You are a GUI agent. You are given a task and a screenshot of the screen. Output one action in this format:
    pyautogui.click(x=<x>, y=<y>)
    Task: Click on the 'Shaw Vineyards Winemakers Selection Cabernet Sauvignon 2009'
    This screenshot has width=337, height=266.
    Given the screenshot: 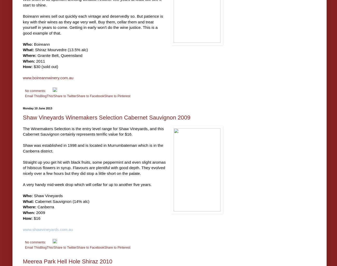 What is the action you would take?
    pyautogui.click(x=106, y=117)
    